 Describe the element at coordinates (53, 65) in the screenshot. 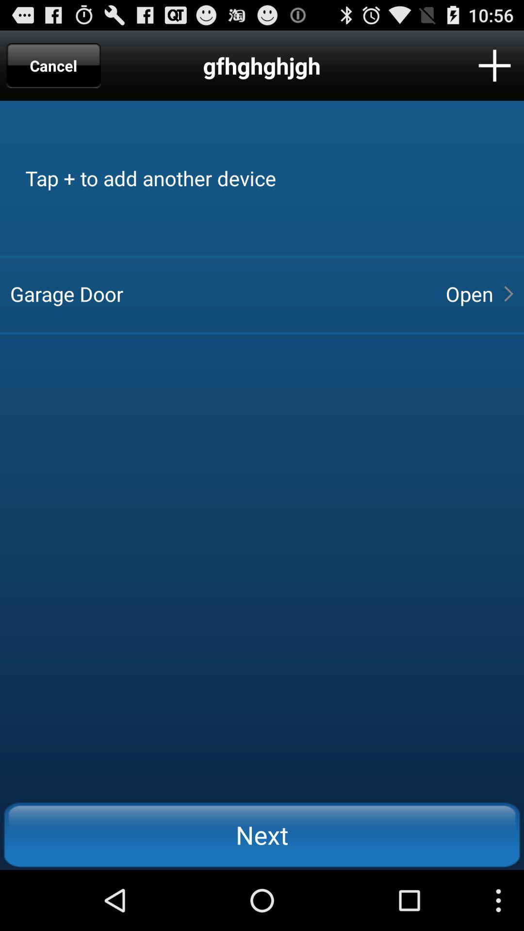

I see `the icon to the left of the gfhghghjgh icon` at that location.